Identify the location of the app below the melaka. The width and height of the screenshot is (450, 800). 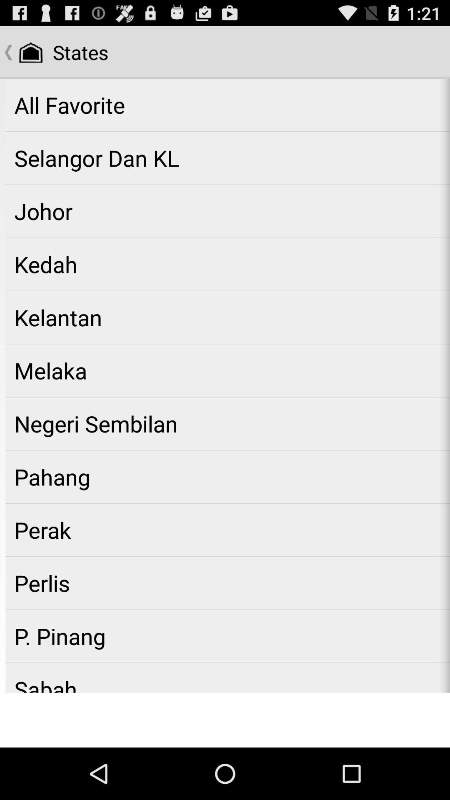
(227, 424).